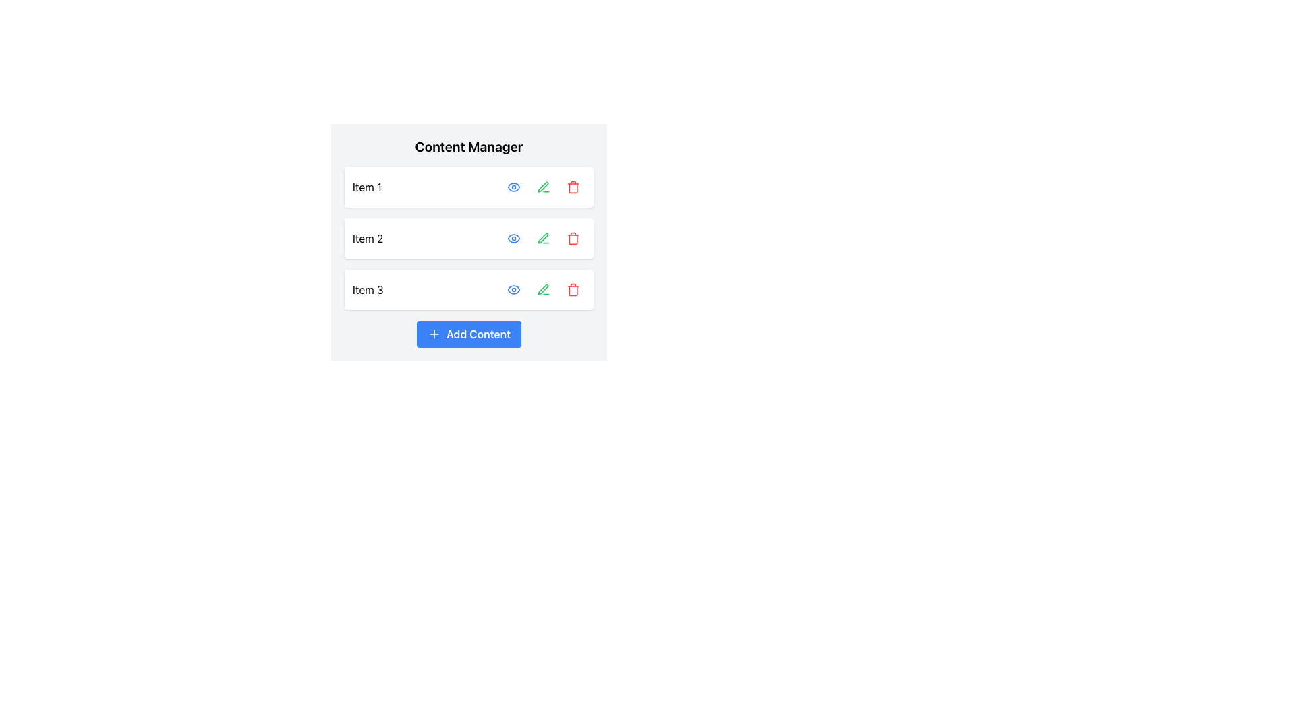 Image resolution: width=1295 pixels, height=728 pixels. What do you see at coordinates (573, 289) in the screenshot?
I see `the trash can icon button with an SVG graphic located in the action panel adjacent to 'Item 3'` at bounding box center [573, 289].